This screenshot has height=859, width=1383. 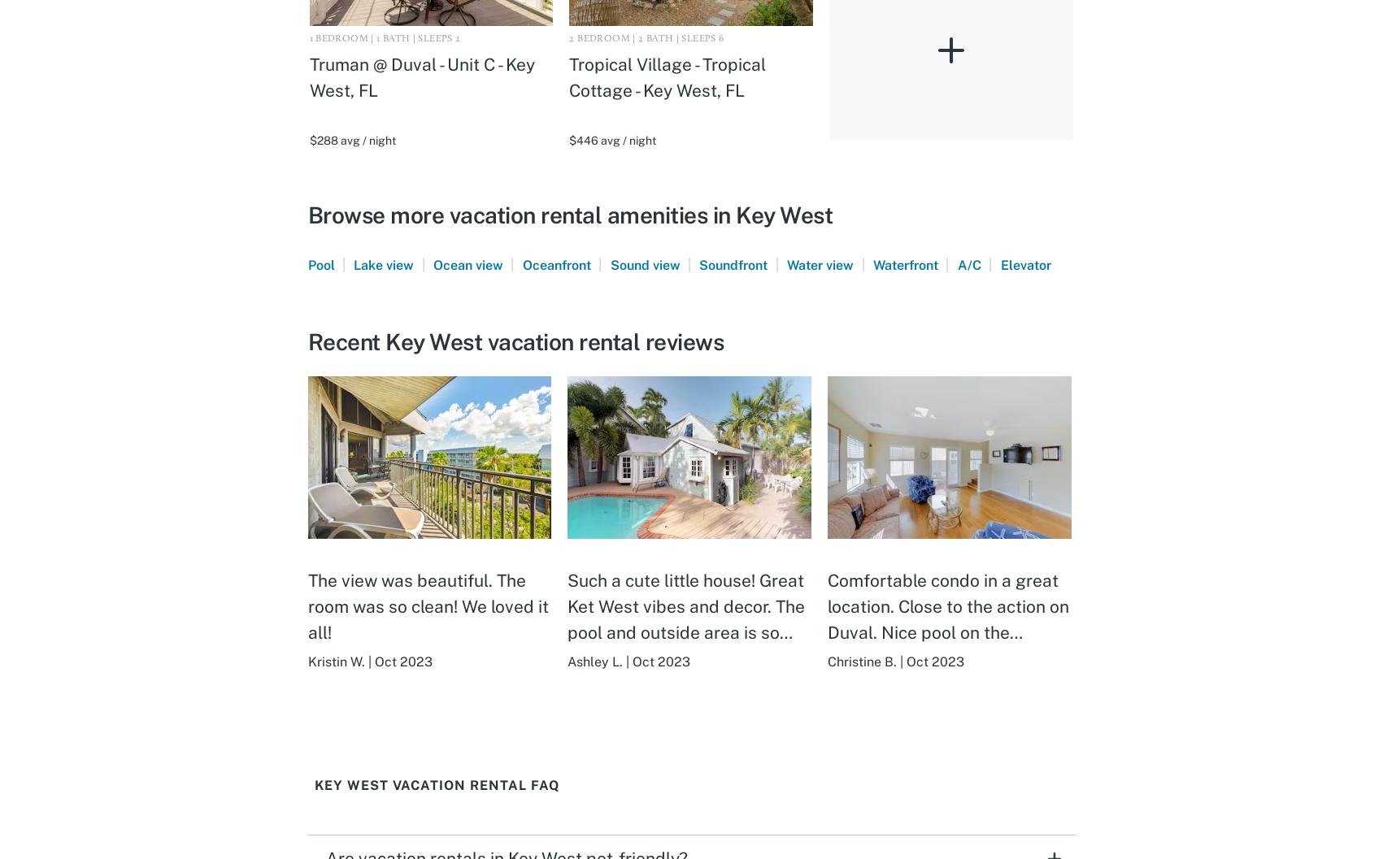 I want to click on 'The view was beautiful.  The room was so clean!  We loved it all!', so click(x=427, y=605).